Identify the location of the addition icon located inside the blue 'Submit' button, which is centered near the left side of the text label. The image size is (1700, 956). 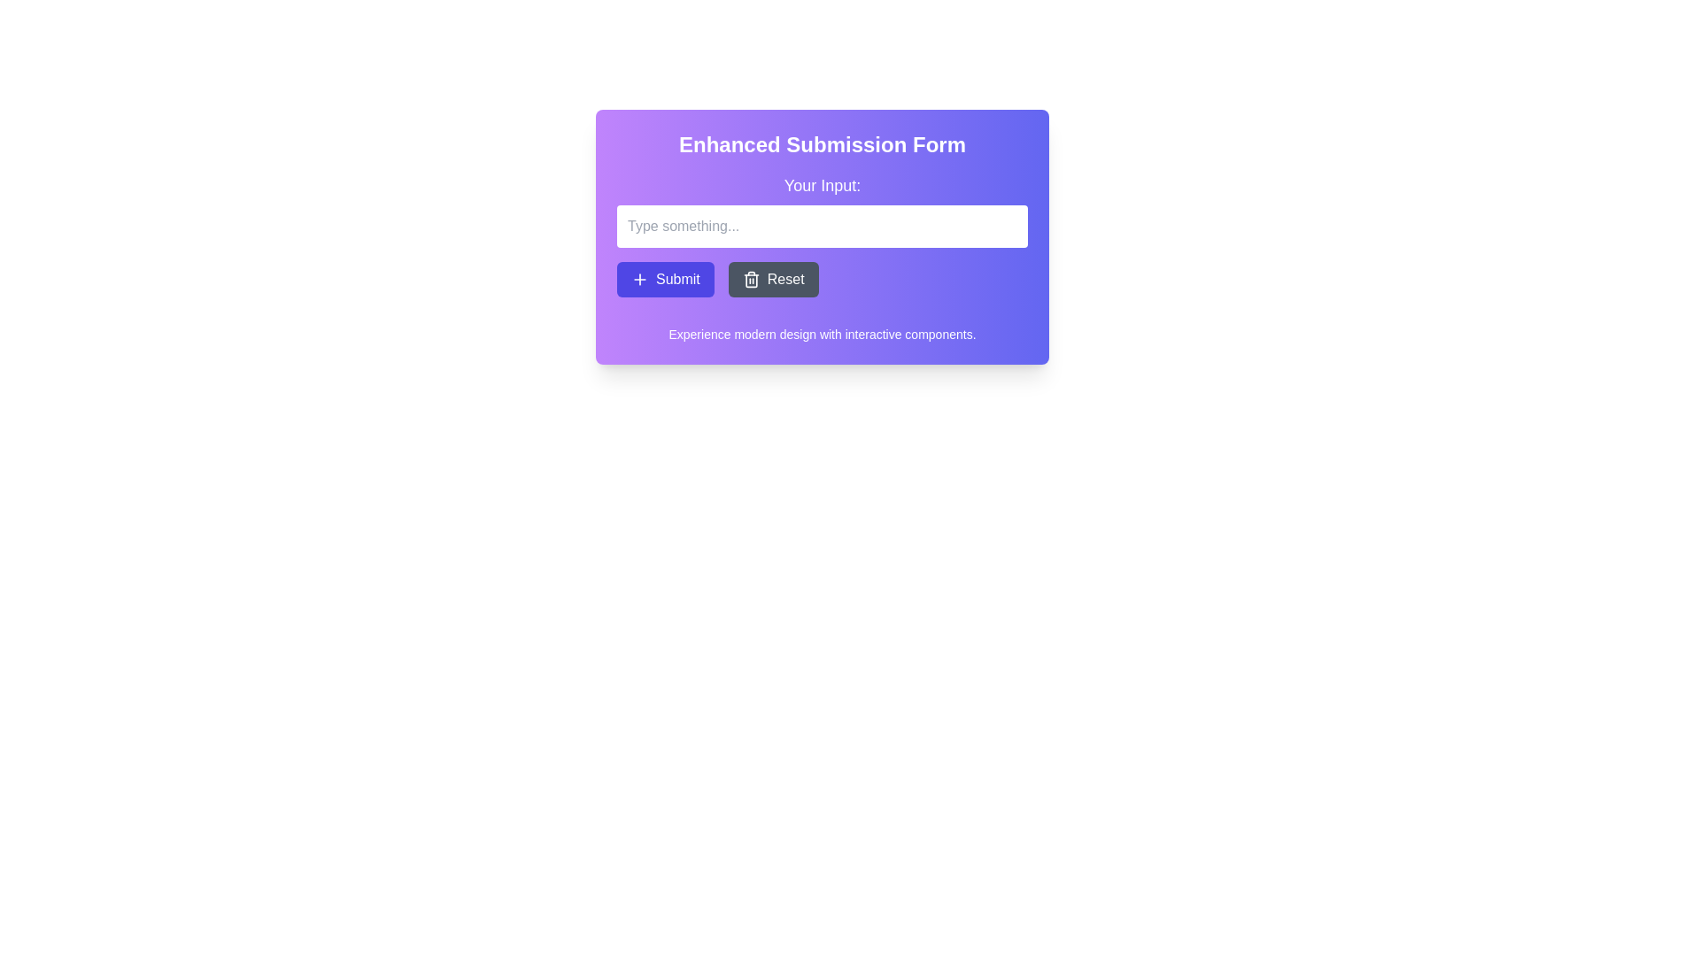
(639, 279).